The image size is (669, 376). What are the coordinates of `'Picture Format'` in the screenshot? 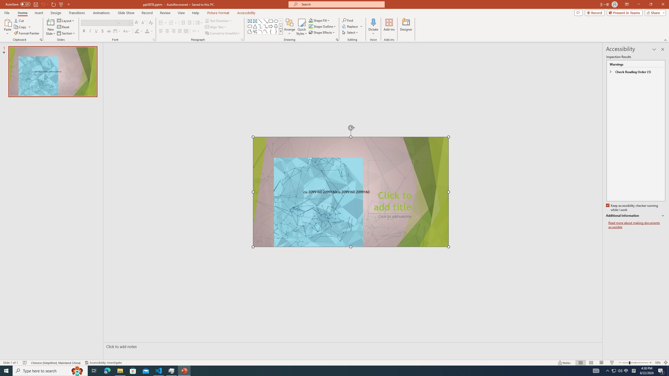 It's located at (218, 13).